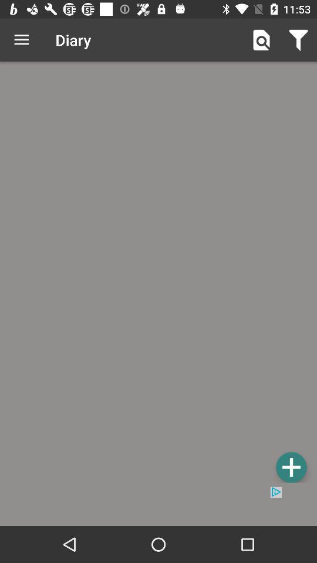 The height and width of the screenshot is (563, 317). I want to click on the add icon, so click(291, 467).